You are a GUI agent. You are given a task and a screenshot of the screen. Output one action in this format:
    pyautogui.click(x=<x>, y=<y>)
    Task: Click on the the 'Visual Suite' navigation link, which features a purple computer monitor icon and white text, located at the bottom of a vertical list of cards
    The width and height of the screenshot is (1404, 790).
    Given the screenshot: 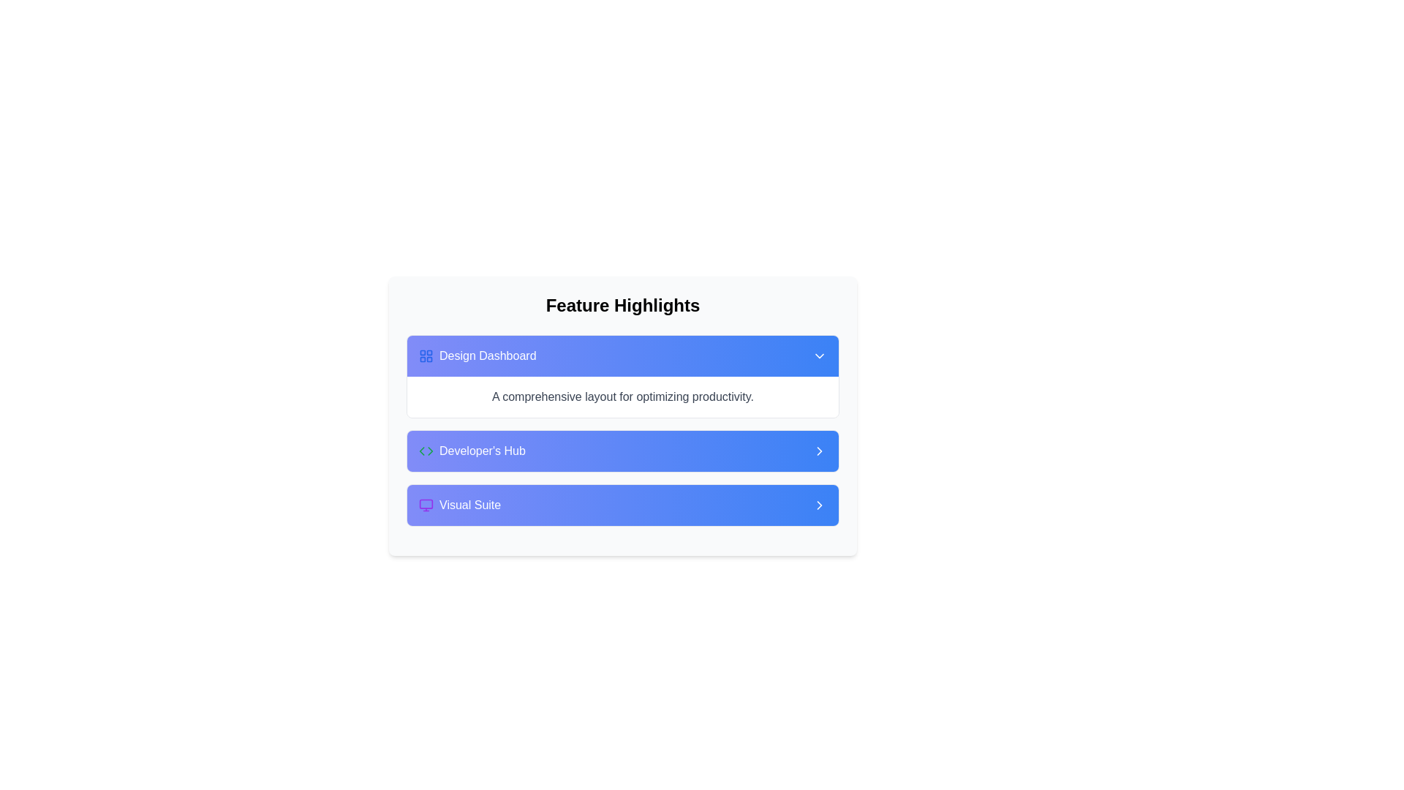 What is the action you would take?
    pyautogui.click(x=459, y=504)
    